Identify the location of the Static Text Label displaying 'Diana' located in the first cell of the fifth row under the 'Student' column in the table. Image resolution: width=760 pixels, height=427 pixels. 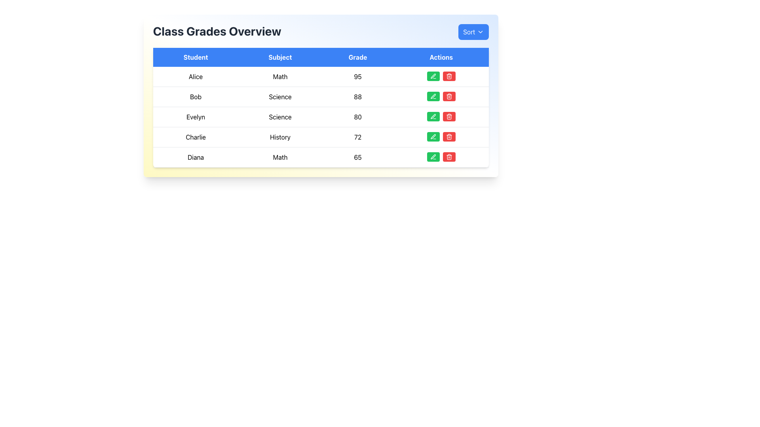
(196, 157).